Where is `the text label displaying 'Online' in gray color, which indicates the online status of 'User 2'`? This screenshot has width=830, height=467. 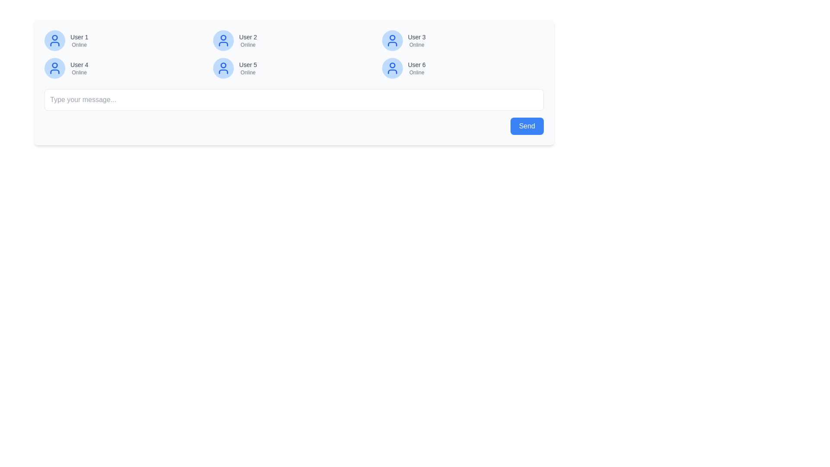
the text label displaying 'Online' in gray color, which indicates the online status of 'User 2' is located at coordinates (247, 45).